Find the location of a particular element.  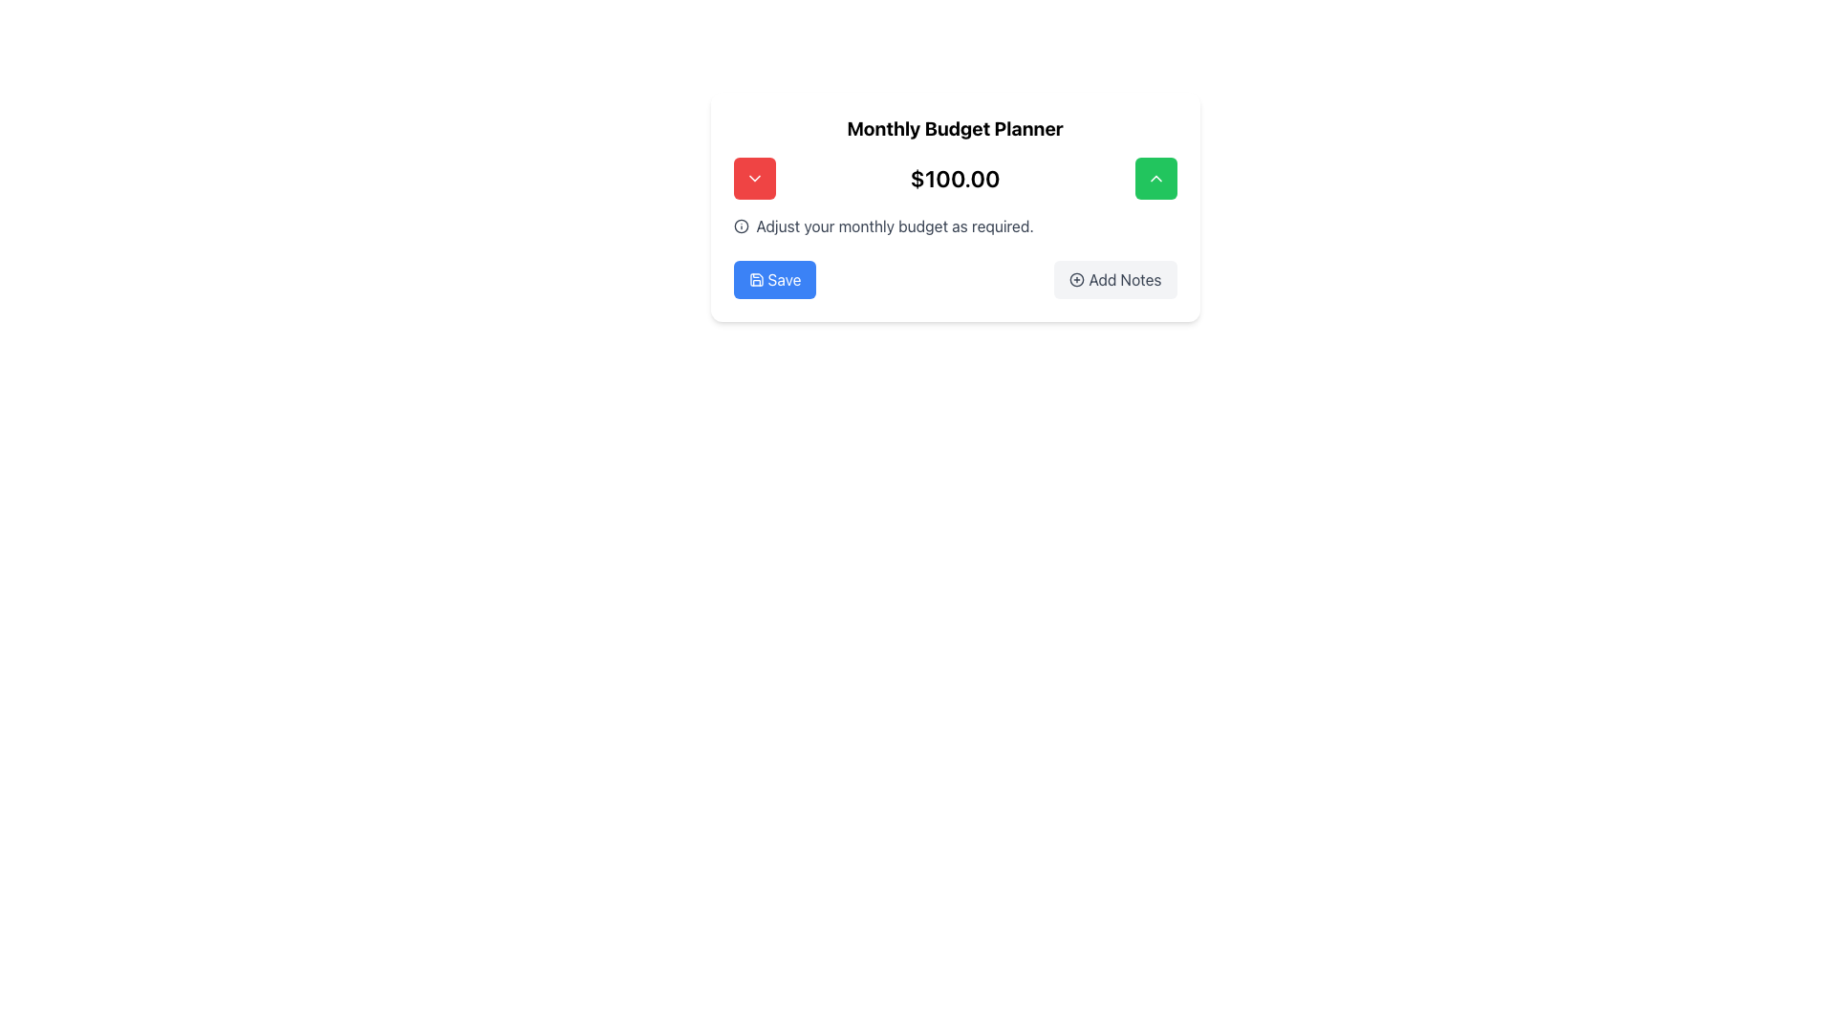

the Save icon located on the left side of the blue button labeled 'Save' to initiate the save operation is located at coordinates (755, 280).